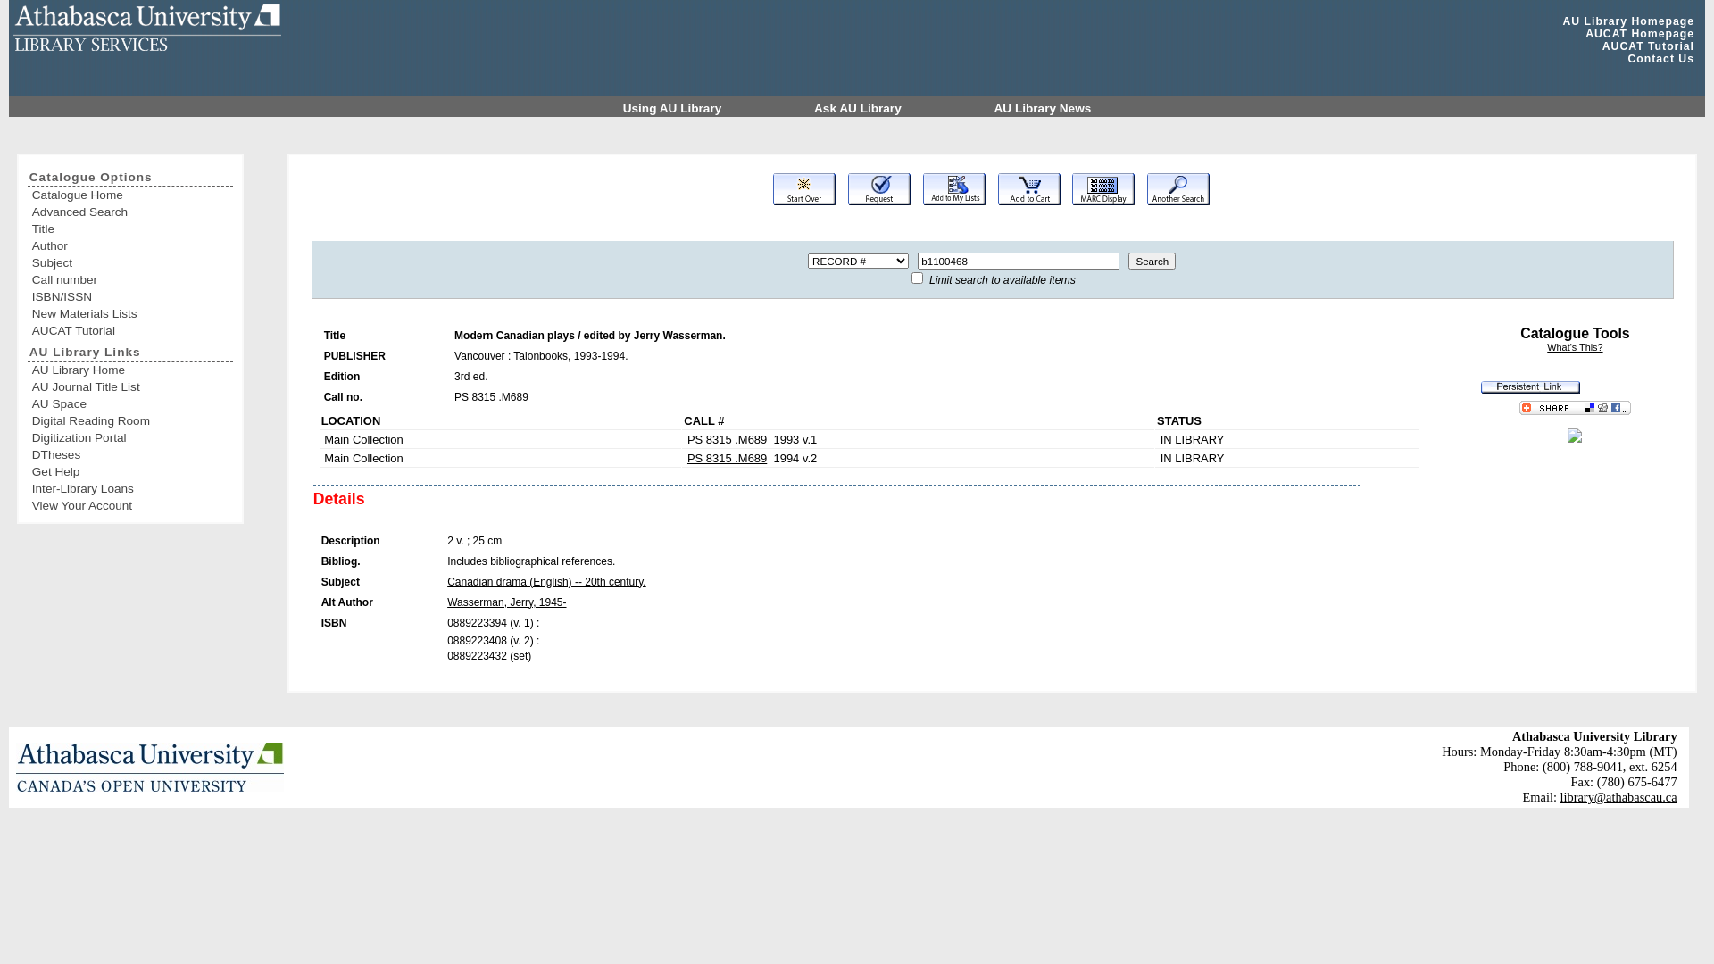 Image resolution: width=1714 pixels, height=964 pixels. What do you see at coordinates (130, 470) in the screenshot?
I see `'Get Help'` at bounding box center [130, 470].